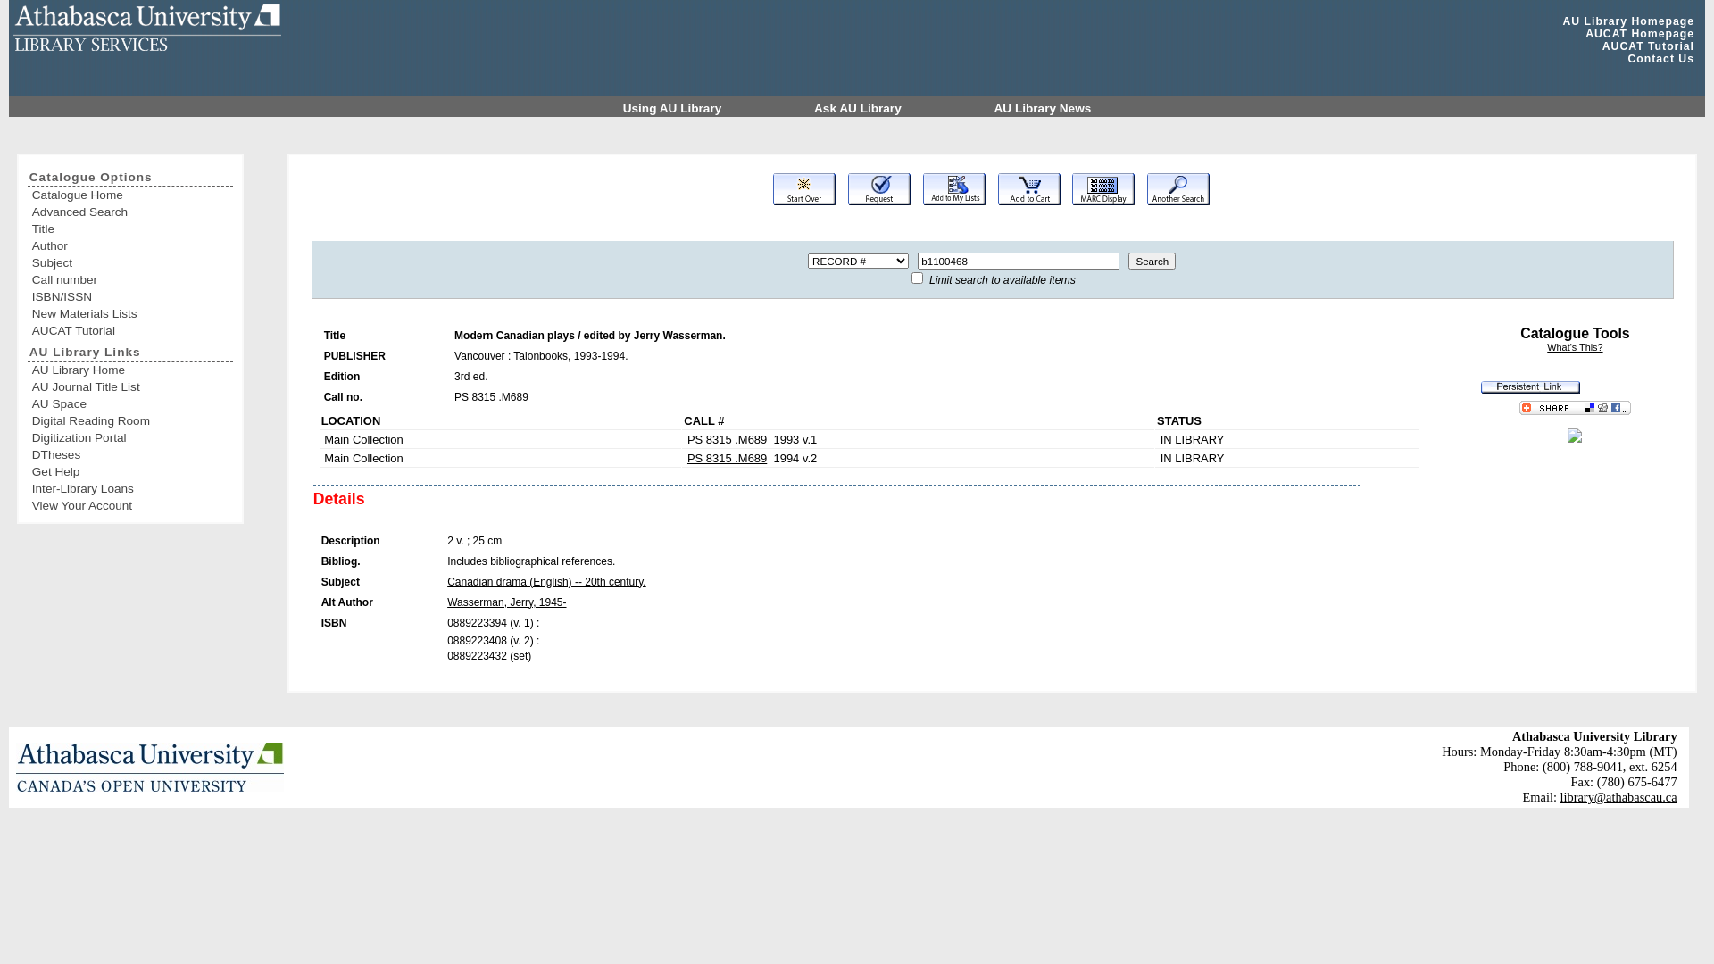 Image resolution: width=1714 pixels, height=964 pixels. What do you see at coordinates (130, 470) in the screenshot?
I see `'Get Help'` at bounding box center [130, 470].